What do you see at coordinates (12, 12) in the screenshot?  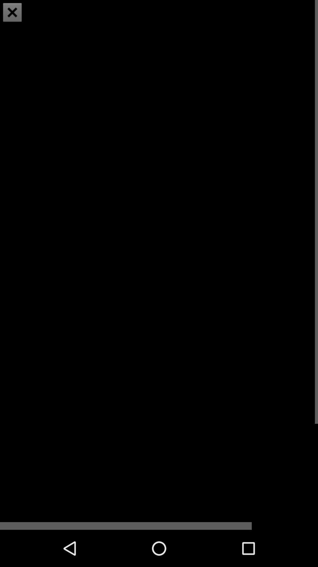 I see `the close icon` at bounding box center [12, 12].